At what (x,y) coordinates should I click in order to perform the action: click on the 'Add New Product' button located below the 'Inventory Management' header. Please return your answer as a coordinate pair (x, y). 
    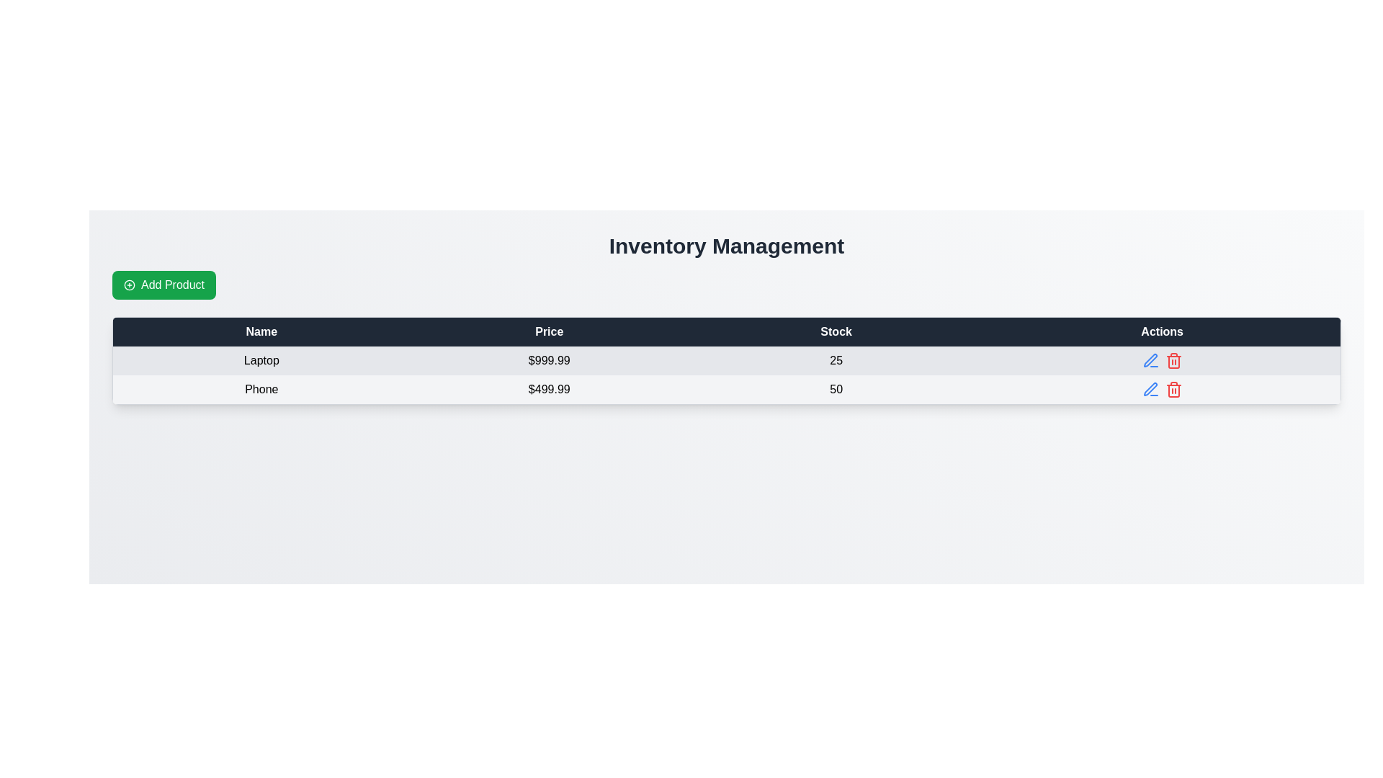
    Looking at the image, I should click on (164, 285).